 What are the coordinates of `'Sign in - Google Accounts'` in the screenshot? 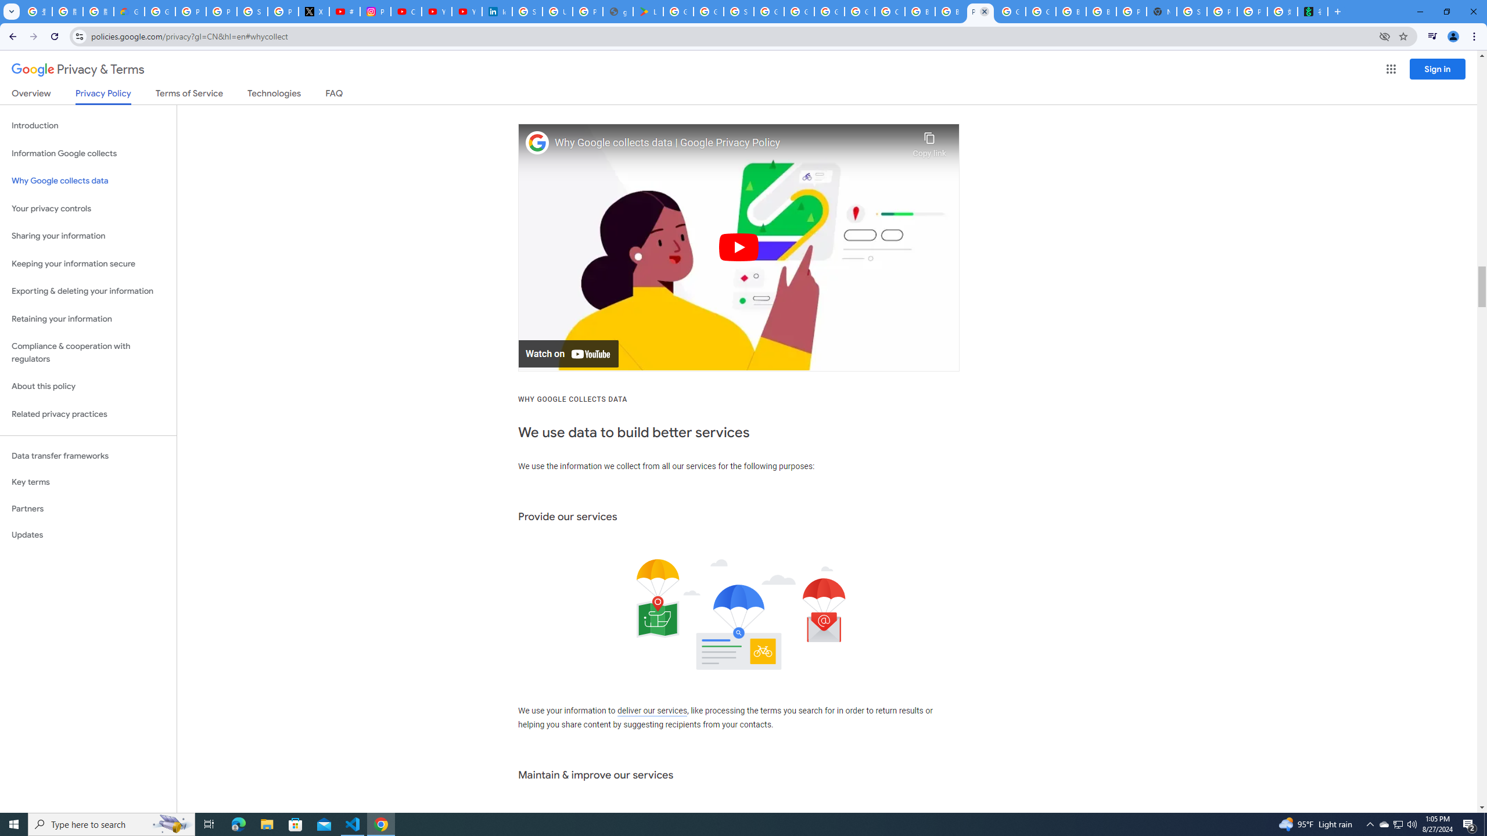 It's located at (253, 11).